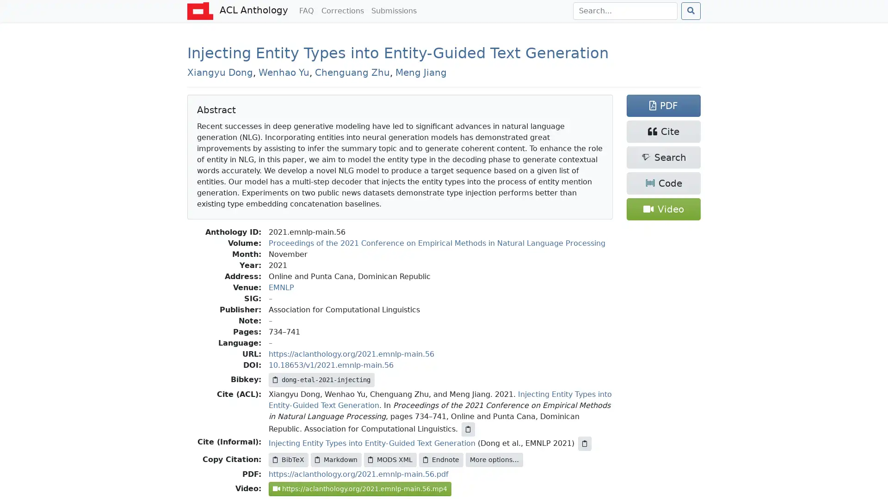 This screenshot has height=499, width=888. I want to click on BibTeX, so click(288, 460).